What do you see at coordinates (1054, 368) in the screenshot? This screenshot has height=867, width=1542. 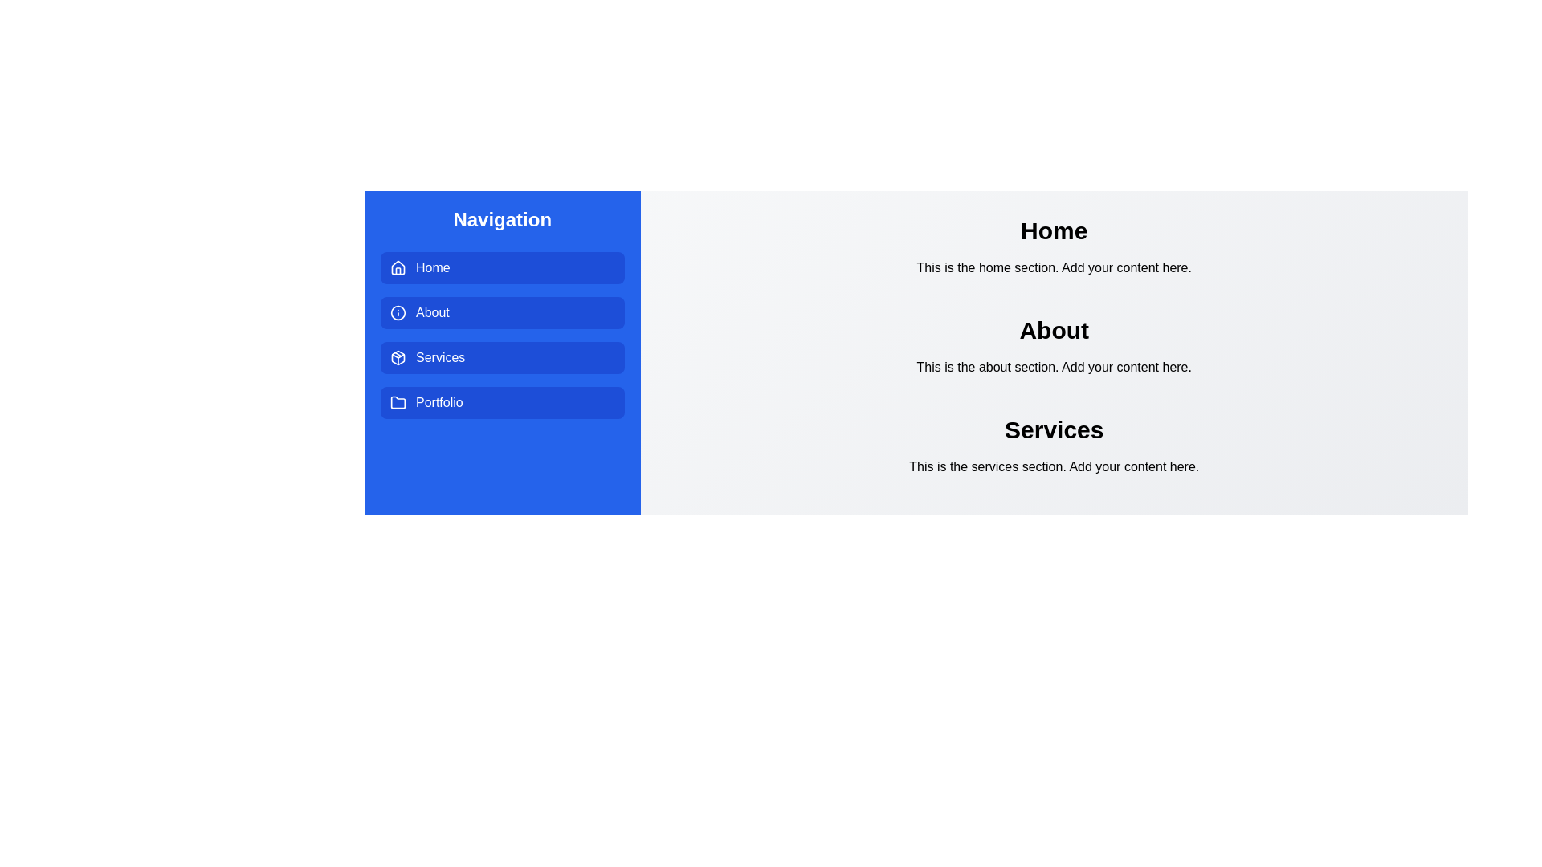 I see `the text paragraph that says 'This is the about section. Add your content here.' which is located centrally beneath the 'About' heading` at bounding box center [1054, 368].